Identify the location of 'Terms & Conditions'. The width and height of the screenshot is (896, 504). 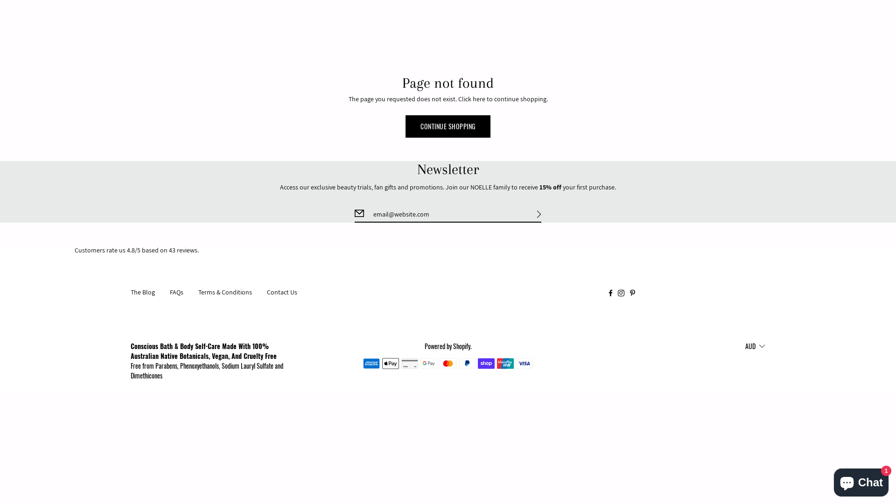
(225, 291).